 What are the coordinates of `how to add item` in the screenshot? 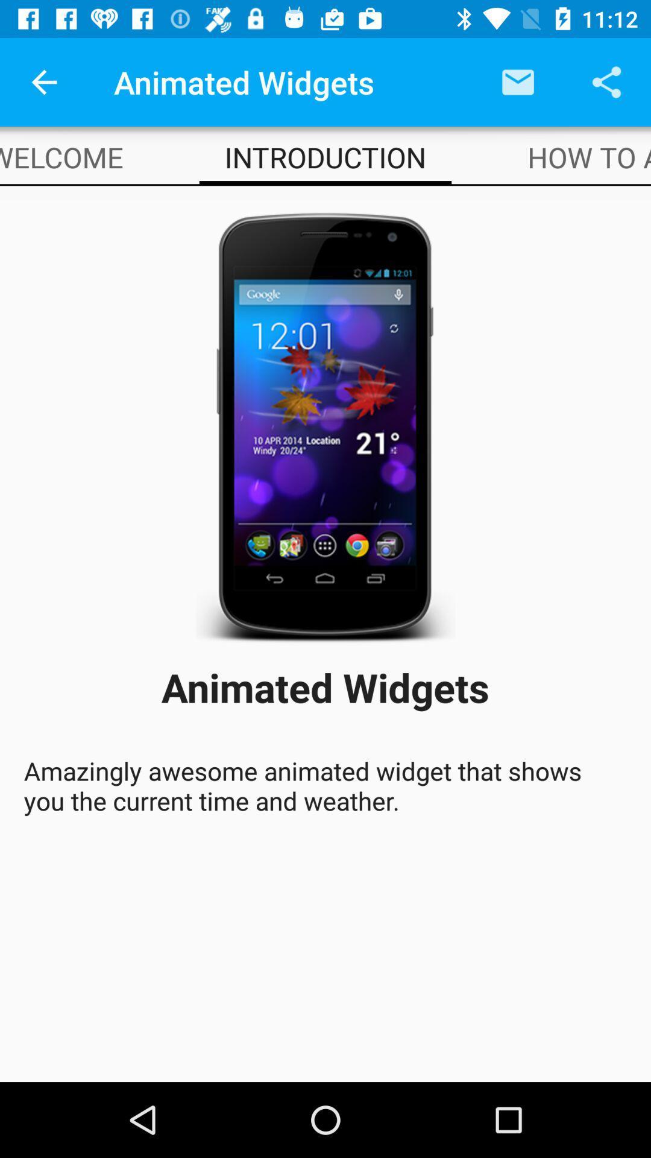 It's located at (588, 156).